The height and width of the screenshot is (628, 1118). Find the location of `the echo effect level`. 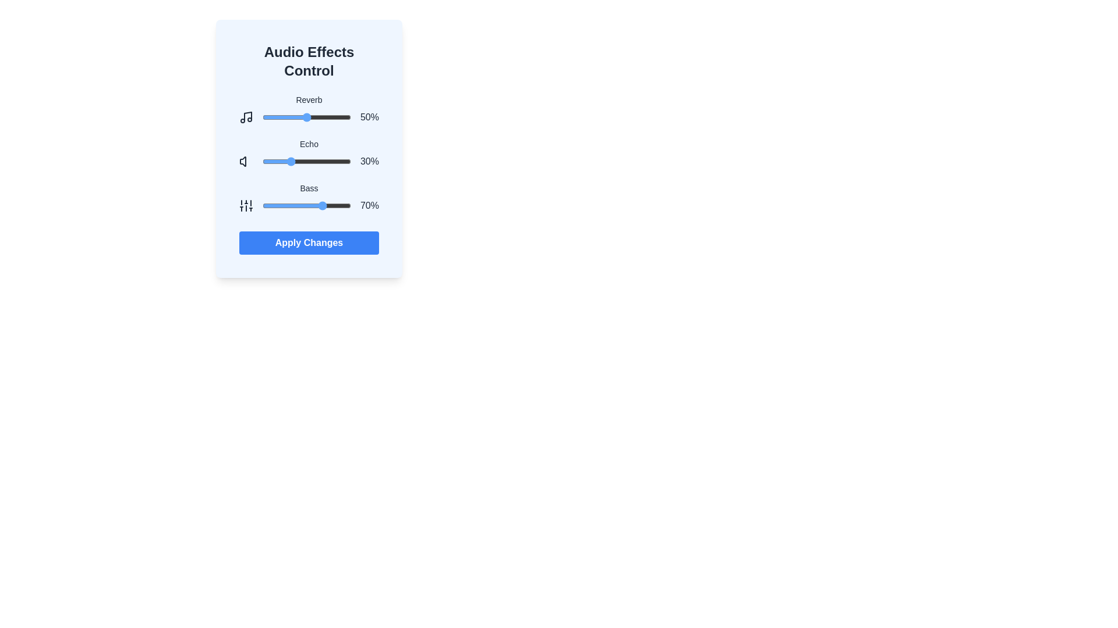

the echo effect level is located at coordinates (339, 161).